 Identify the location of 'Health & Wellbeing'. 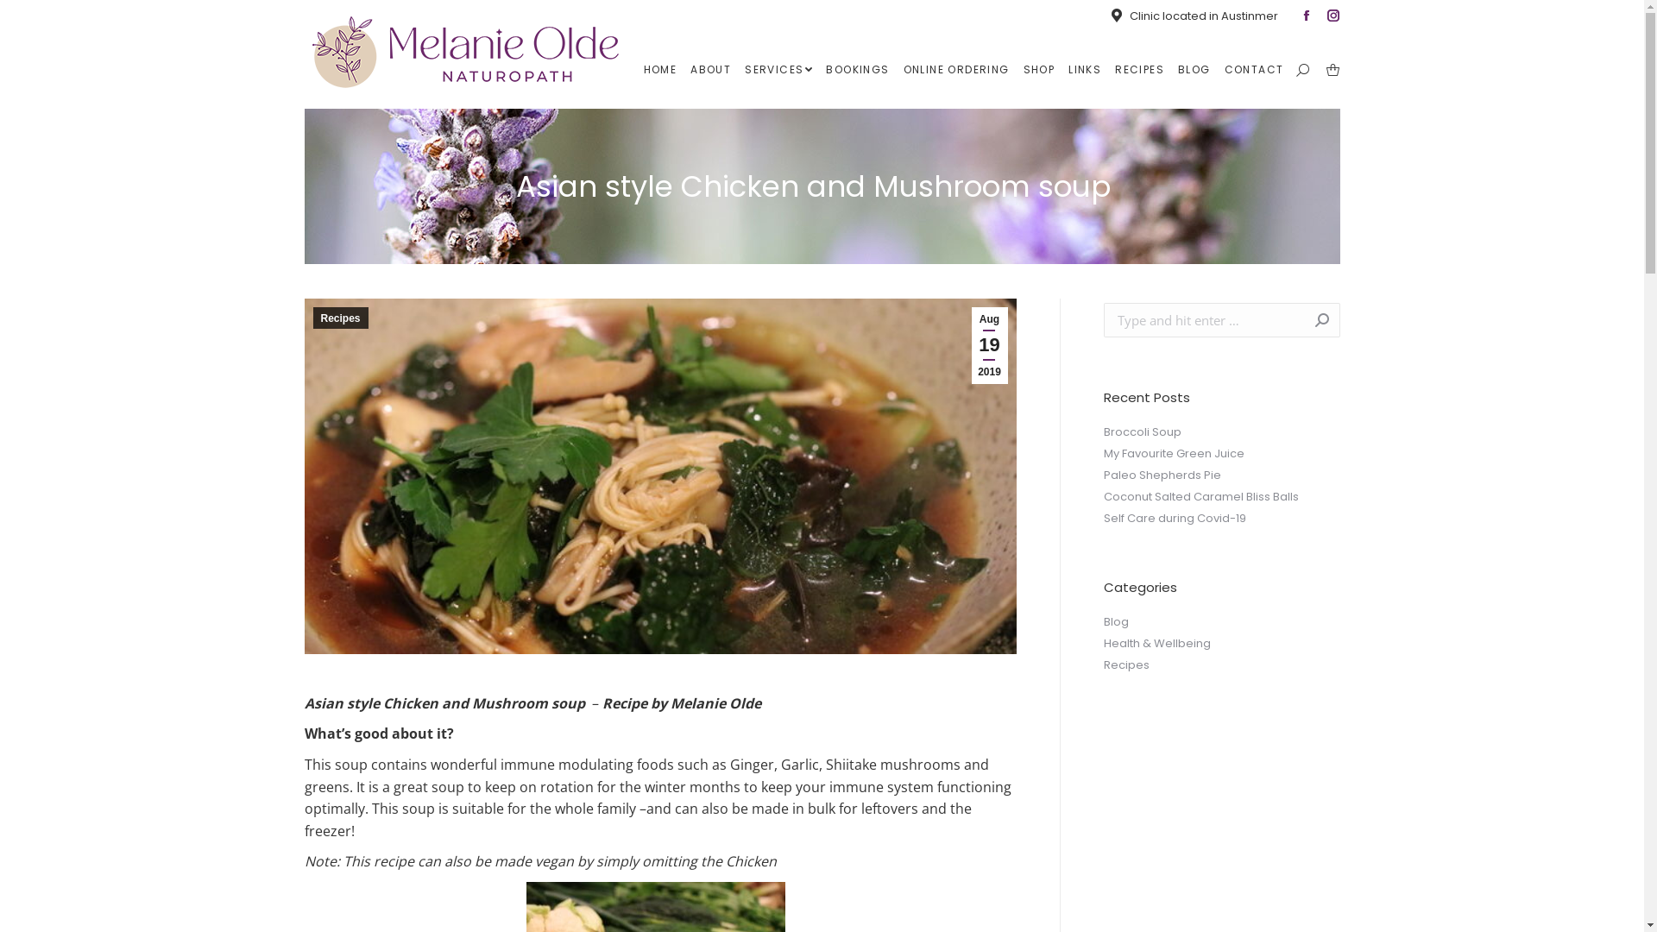
(1156, 643).